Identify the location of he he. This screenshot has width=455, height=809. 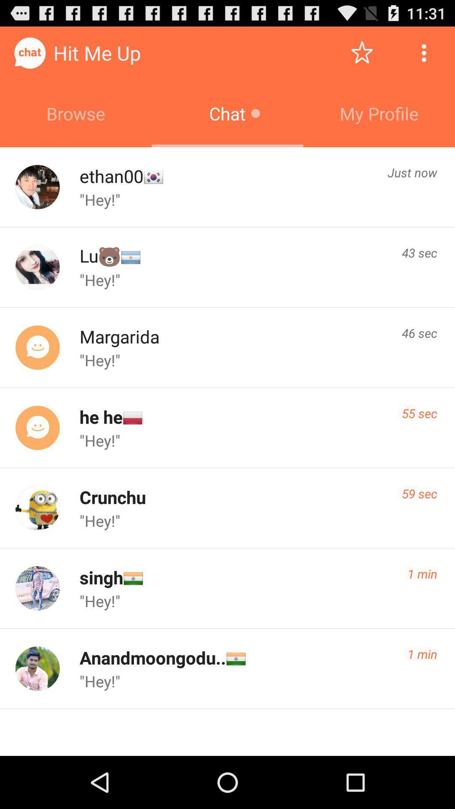
(100, 417).